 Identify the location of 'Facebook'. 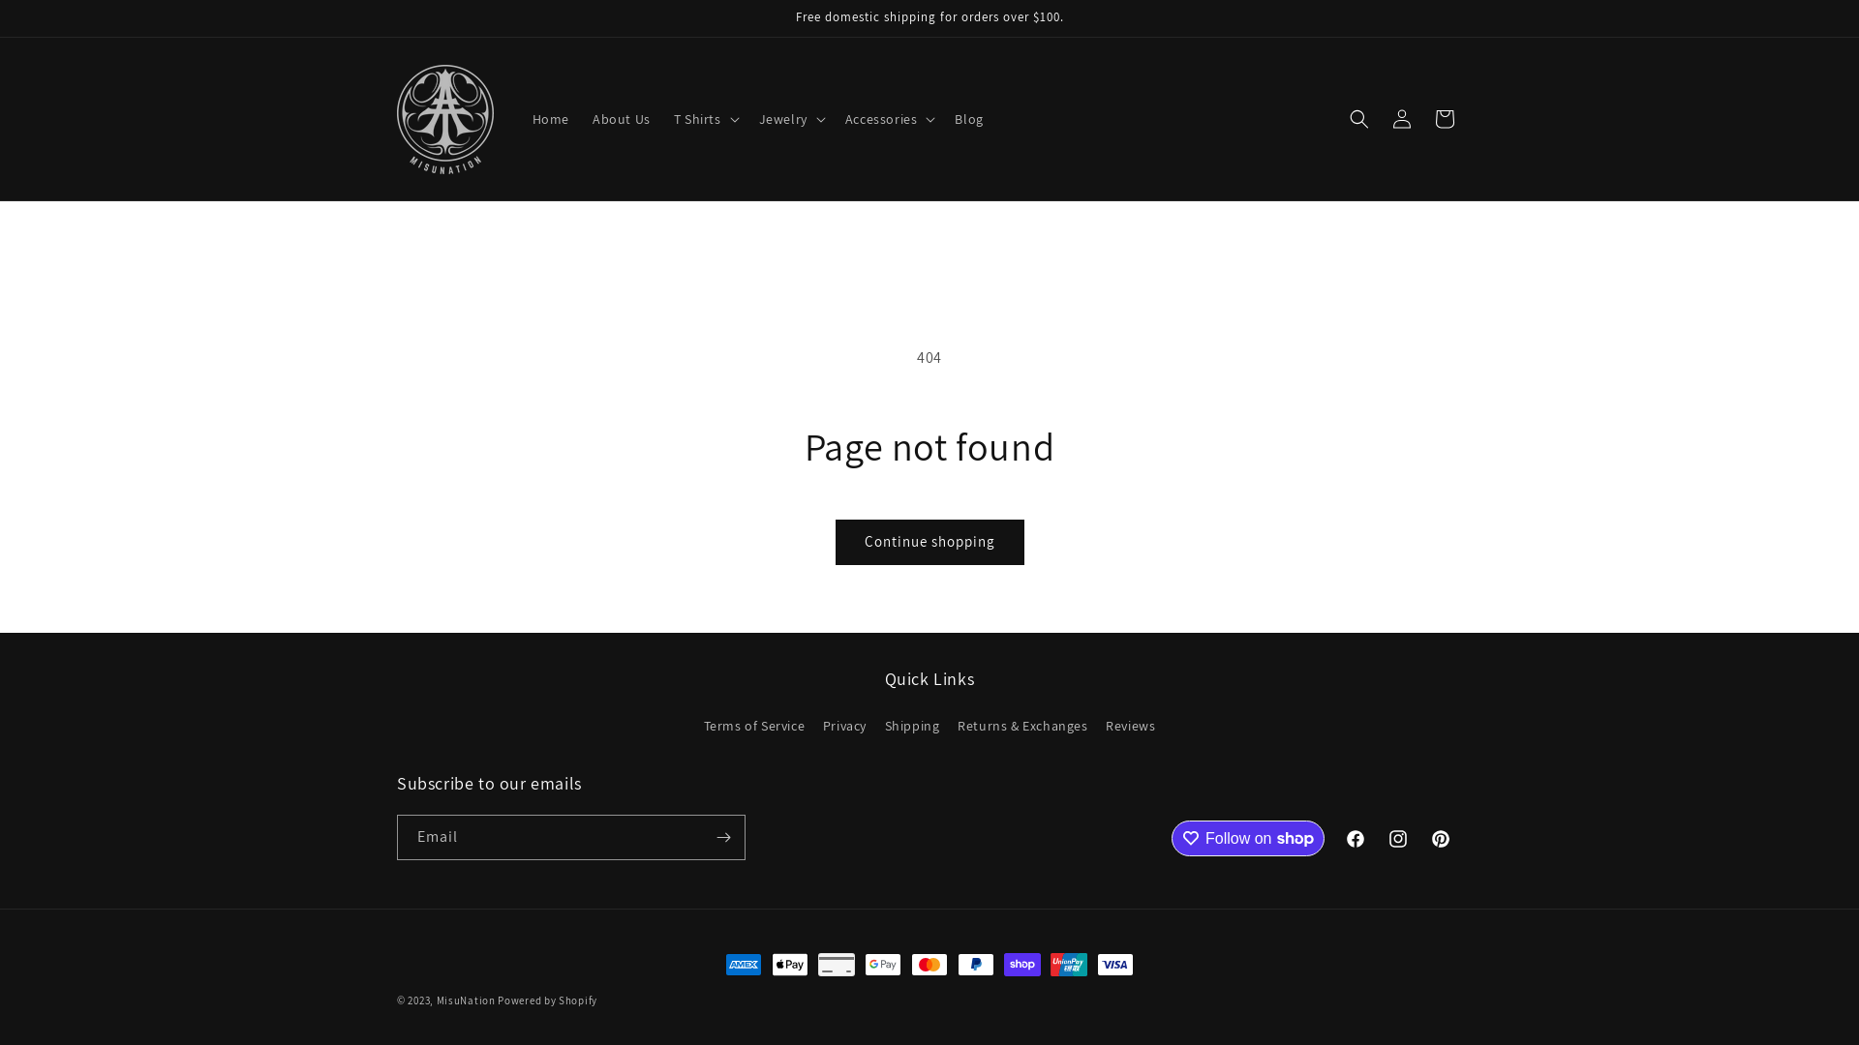
(1355, 838).